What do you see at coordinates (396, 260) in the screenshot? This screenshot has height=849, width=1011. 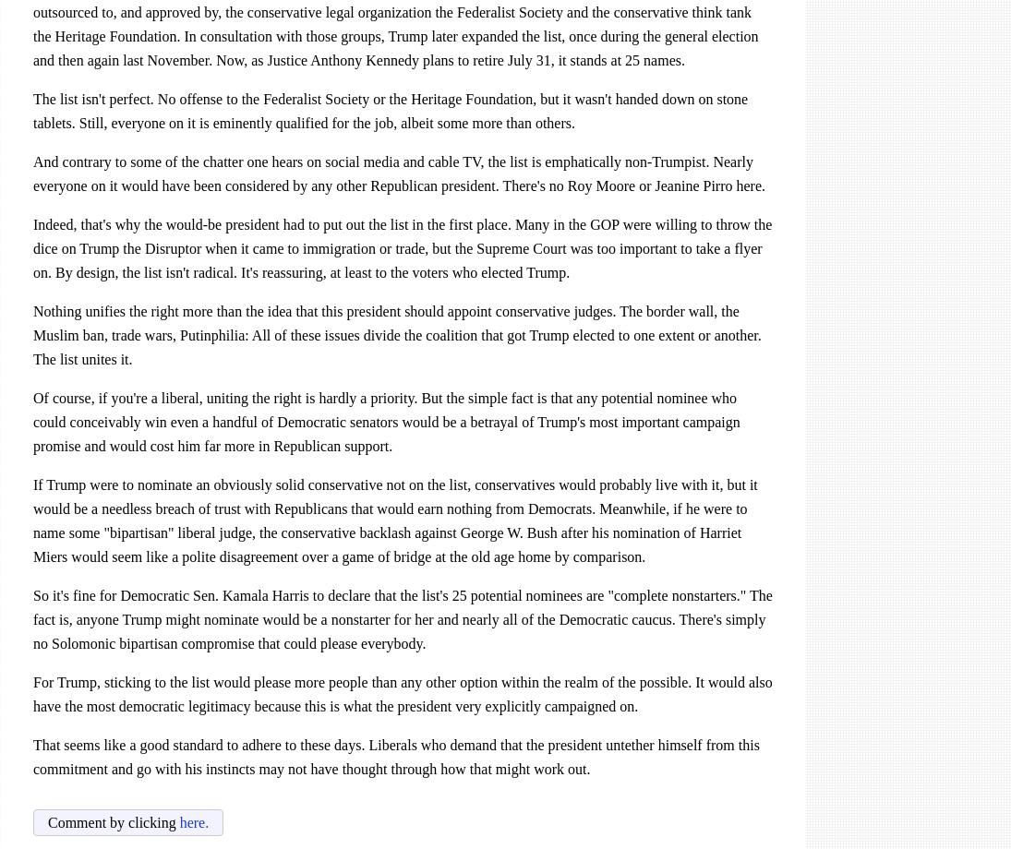 I see `'was too important to take a flyer on. By design, the list isn't radical. It's reassuring, at least to the voters who elected Trump.'` at bounding box center [396, 260].